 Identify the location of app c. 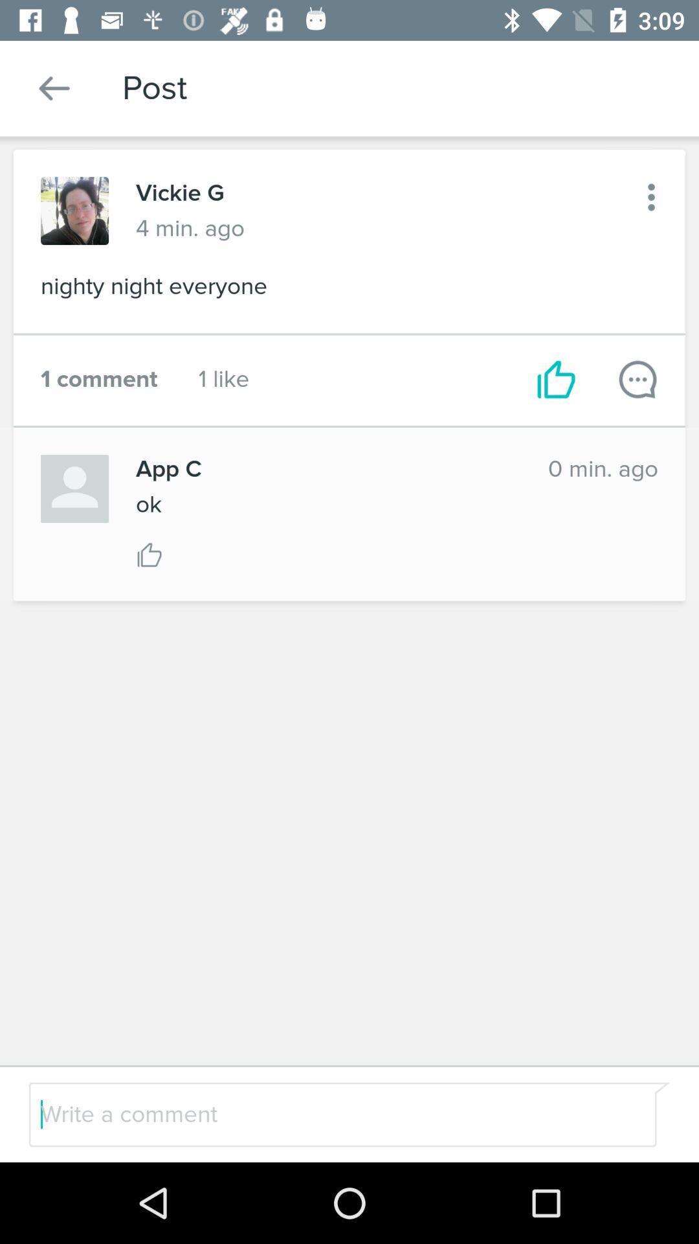
(327, 468).